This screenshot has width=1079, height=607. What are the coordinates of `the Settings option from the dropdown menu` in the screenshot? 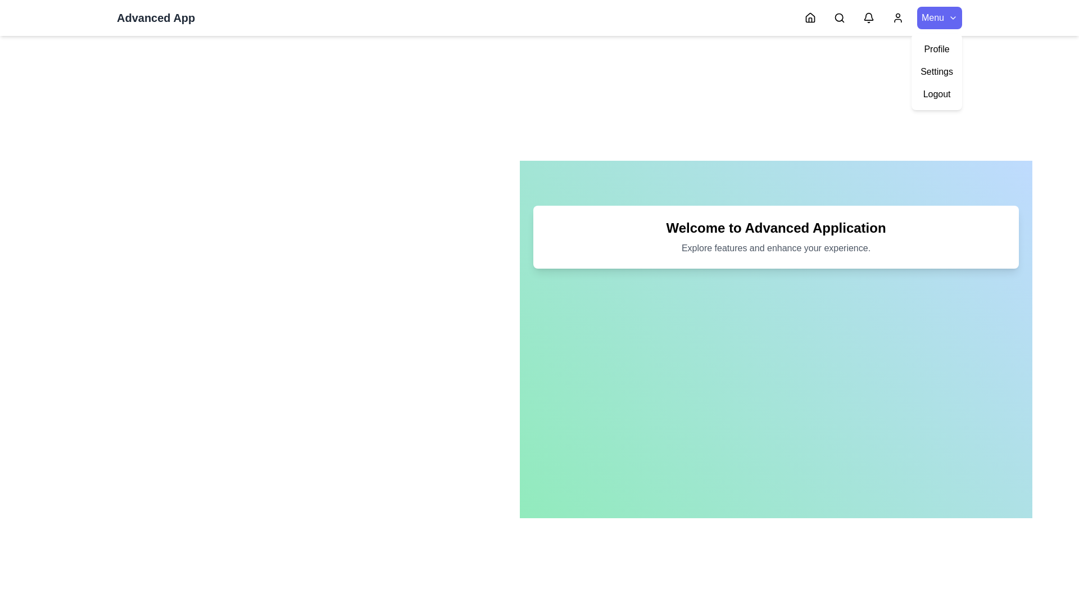 It's located at (937, 71).